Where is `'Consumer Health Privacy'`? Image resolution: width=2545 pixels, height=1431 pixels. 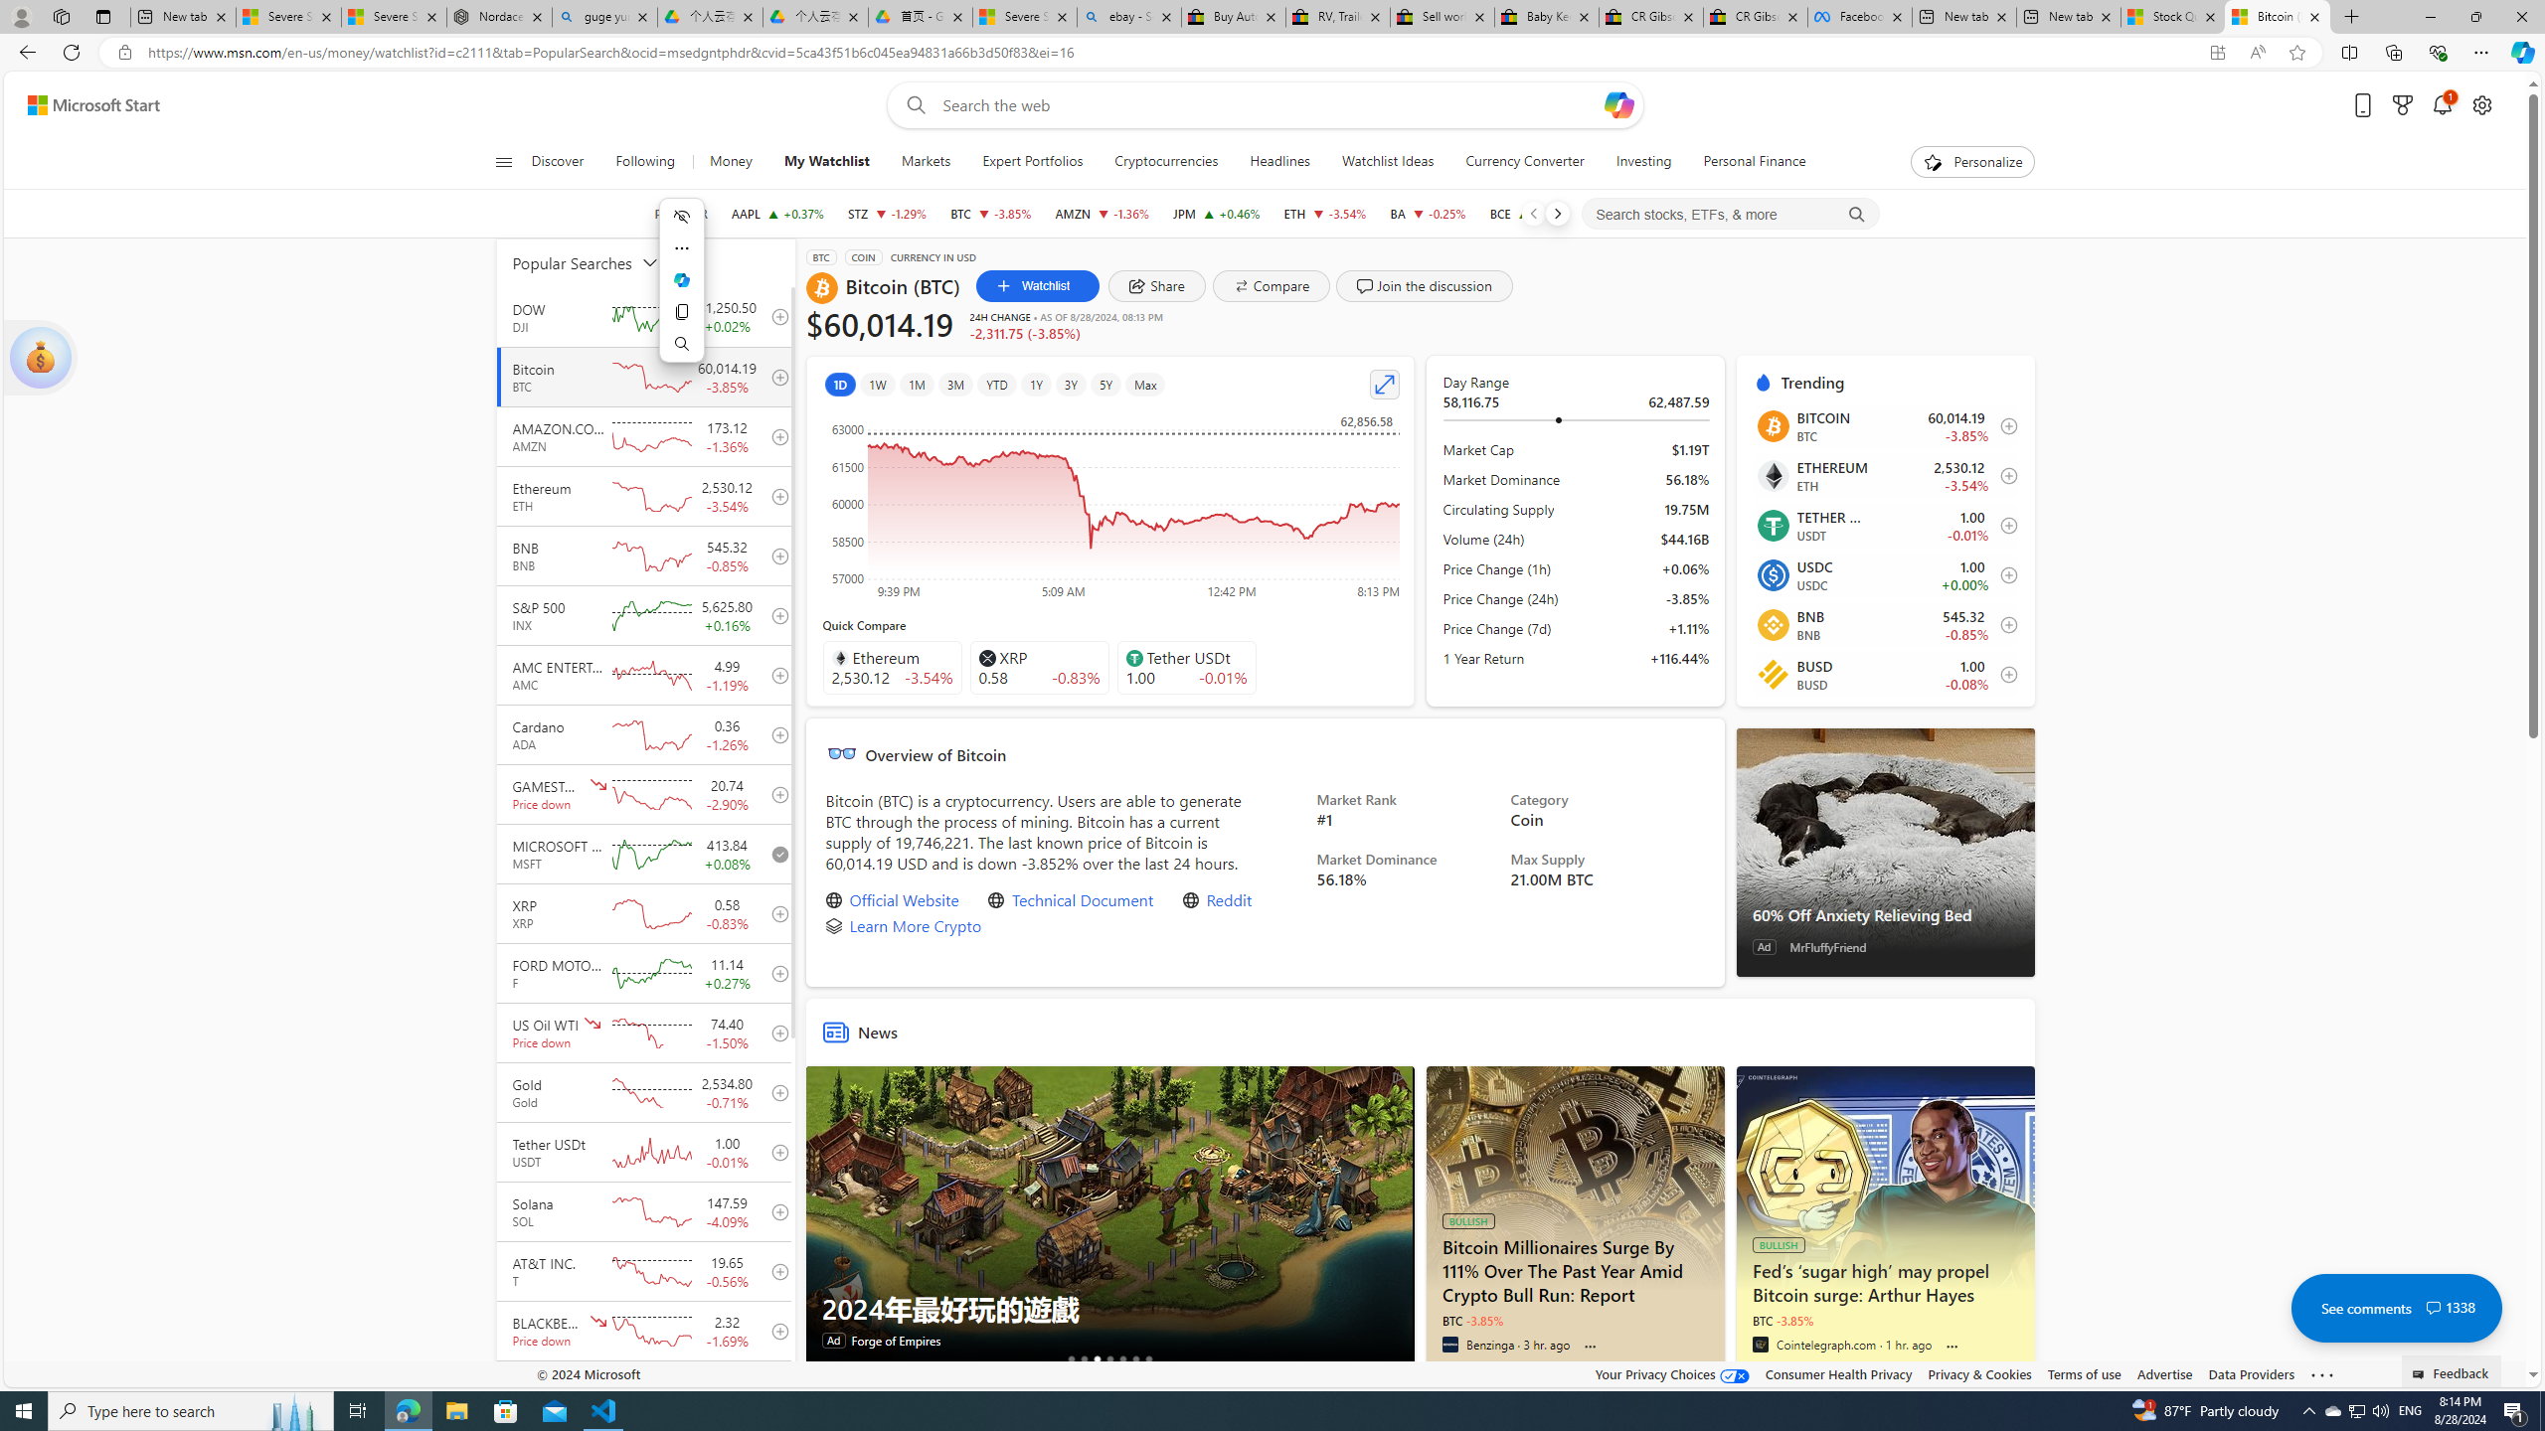
'Consumer Health Privacy' is located at coordinates (1837, 1373).